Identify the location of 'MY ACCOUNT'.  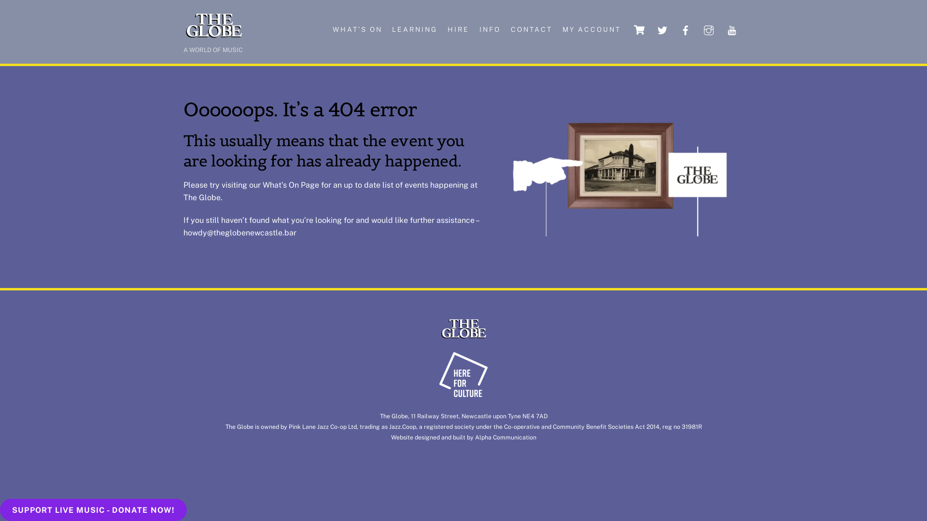
(590, 29).